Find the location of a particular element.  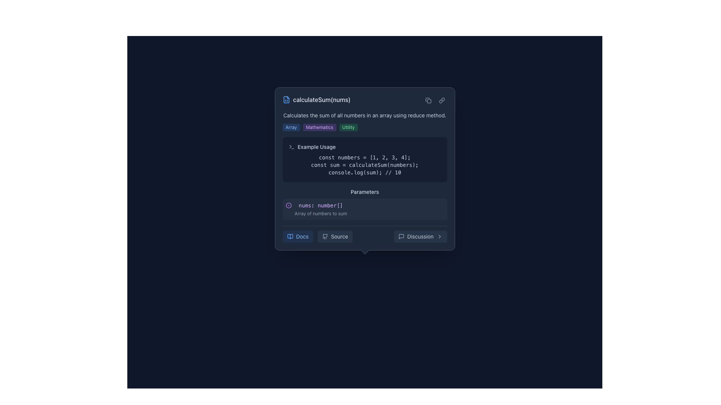

the content of the Text Label or Static Text that defines a parameter within the function declaration, positioned after 'function', 'calculateSum', and '(' tokens is located at coordinates (379, 238).